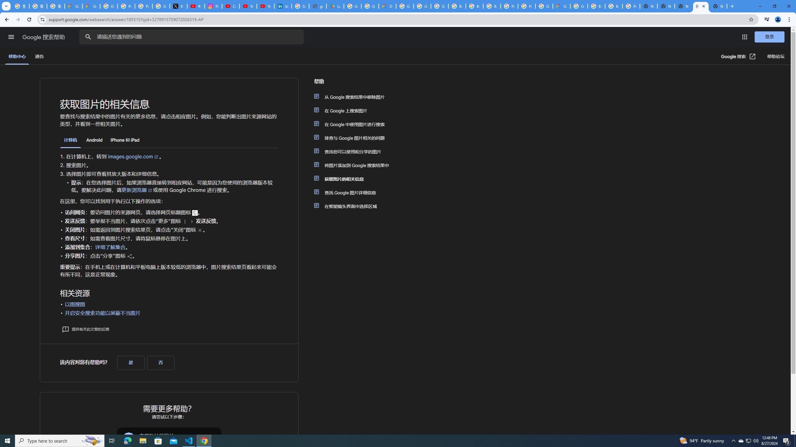 The width and height of the screenshot is (796, 447). What do you see at coordinates (265, 6) in the screenshot?
I see `'YouTube Culture & Trends - YouTube Top 10, 2021'` at bounding box center [265, 6].